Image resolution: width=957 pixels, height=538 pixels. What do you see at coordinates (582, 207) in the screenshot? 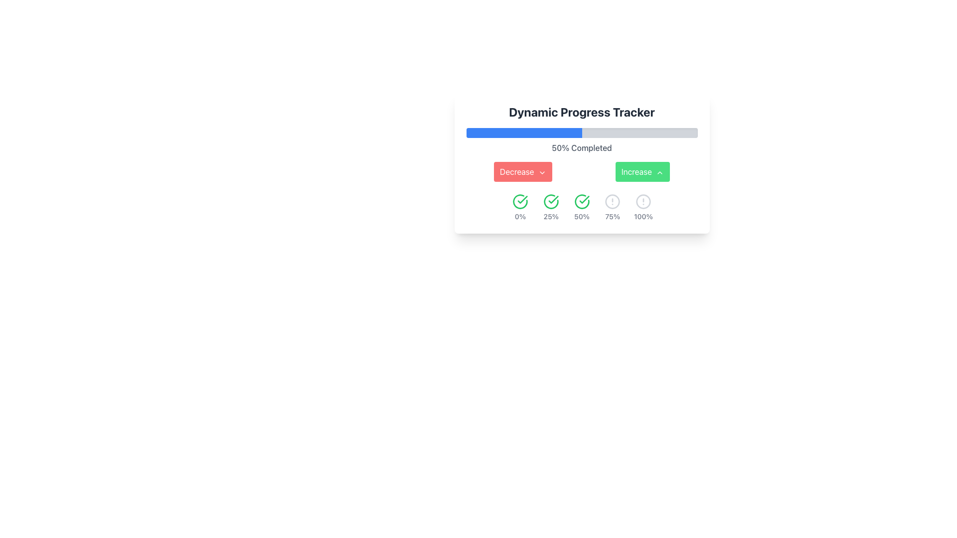
I see `the '50%' text below the green checkmark icon, which indicates a 50% completion state in the progress tracker` at bounding box center [582, 207].